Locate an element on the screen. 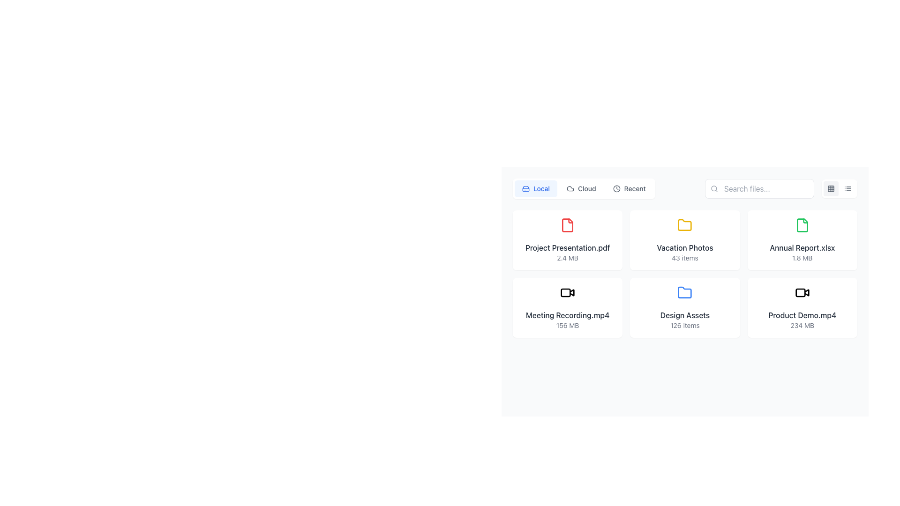  the icon representing the 'Product Demo.mp4' video file located at the top center of the card is located at coordinates (802, 292).